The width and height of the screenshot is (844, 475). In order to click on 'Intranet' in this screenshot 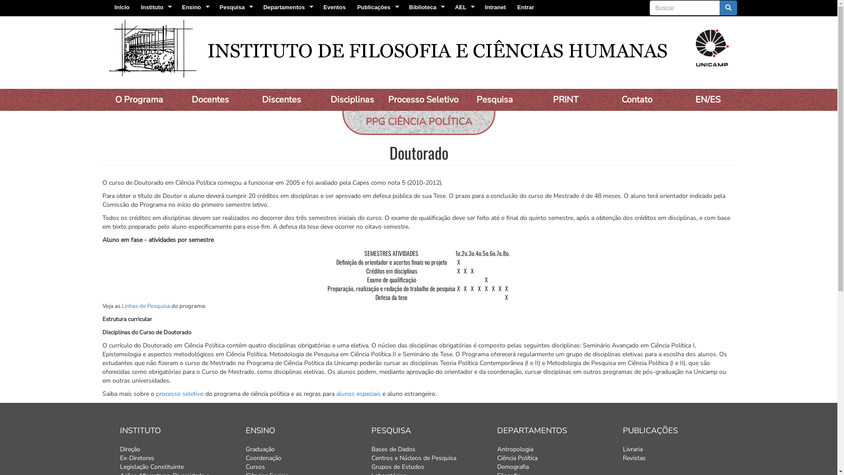, I will do `click(495, 7)`.